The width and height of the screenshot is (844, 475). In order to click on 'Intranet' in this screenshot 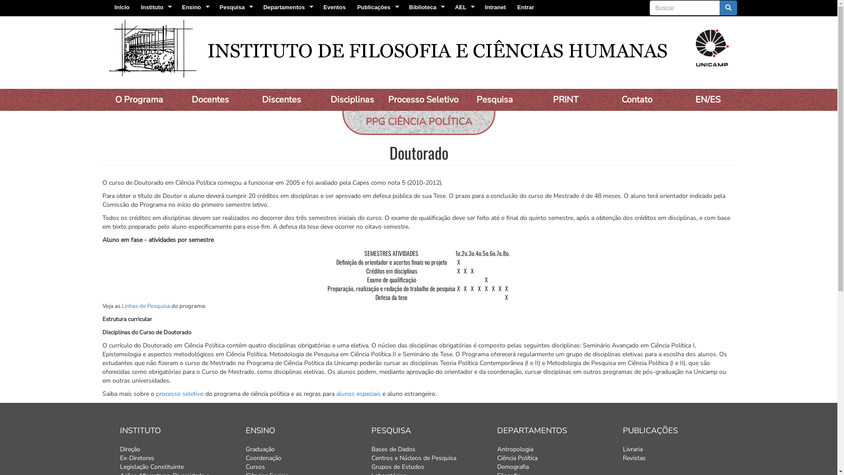, I will do `click(495, 7)`.